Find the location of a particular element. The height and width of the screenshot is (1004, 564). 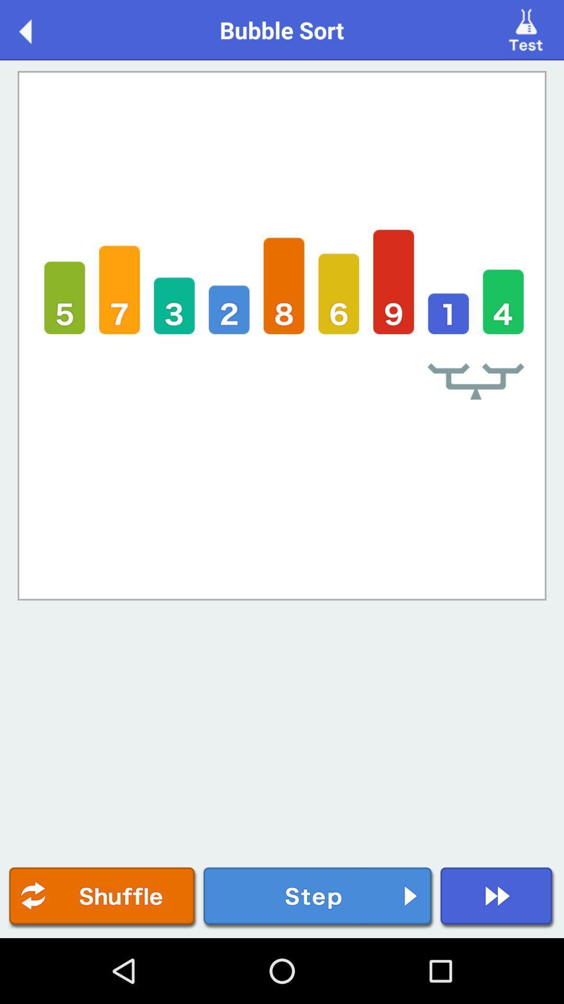

the button is used to go forward is located at coordinates (318, 897).